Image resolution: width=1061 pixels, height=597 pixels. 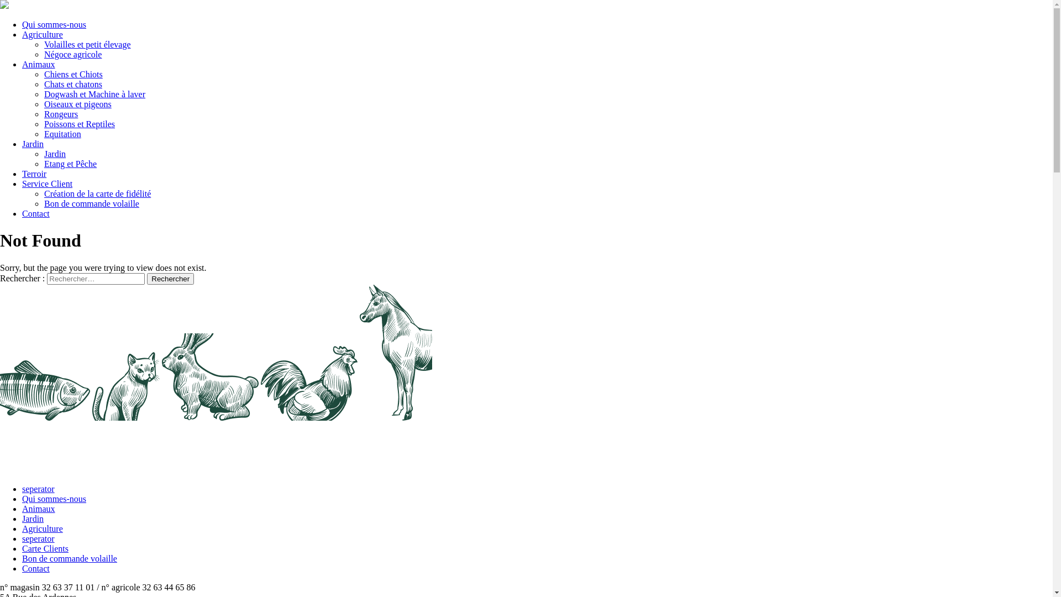 I want to click on 'Animaux', so click(x=39, y=509).